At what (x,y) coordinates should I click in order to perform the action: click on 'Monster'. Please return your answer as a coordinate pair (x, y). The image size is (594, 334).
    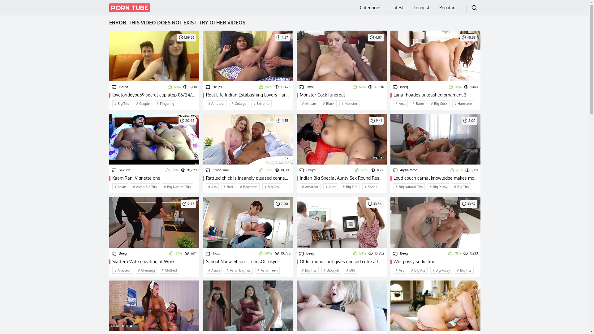
    Looking at the image, I should click on (349, 103).